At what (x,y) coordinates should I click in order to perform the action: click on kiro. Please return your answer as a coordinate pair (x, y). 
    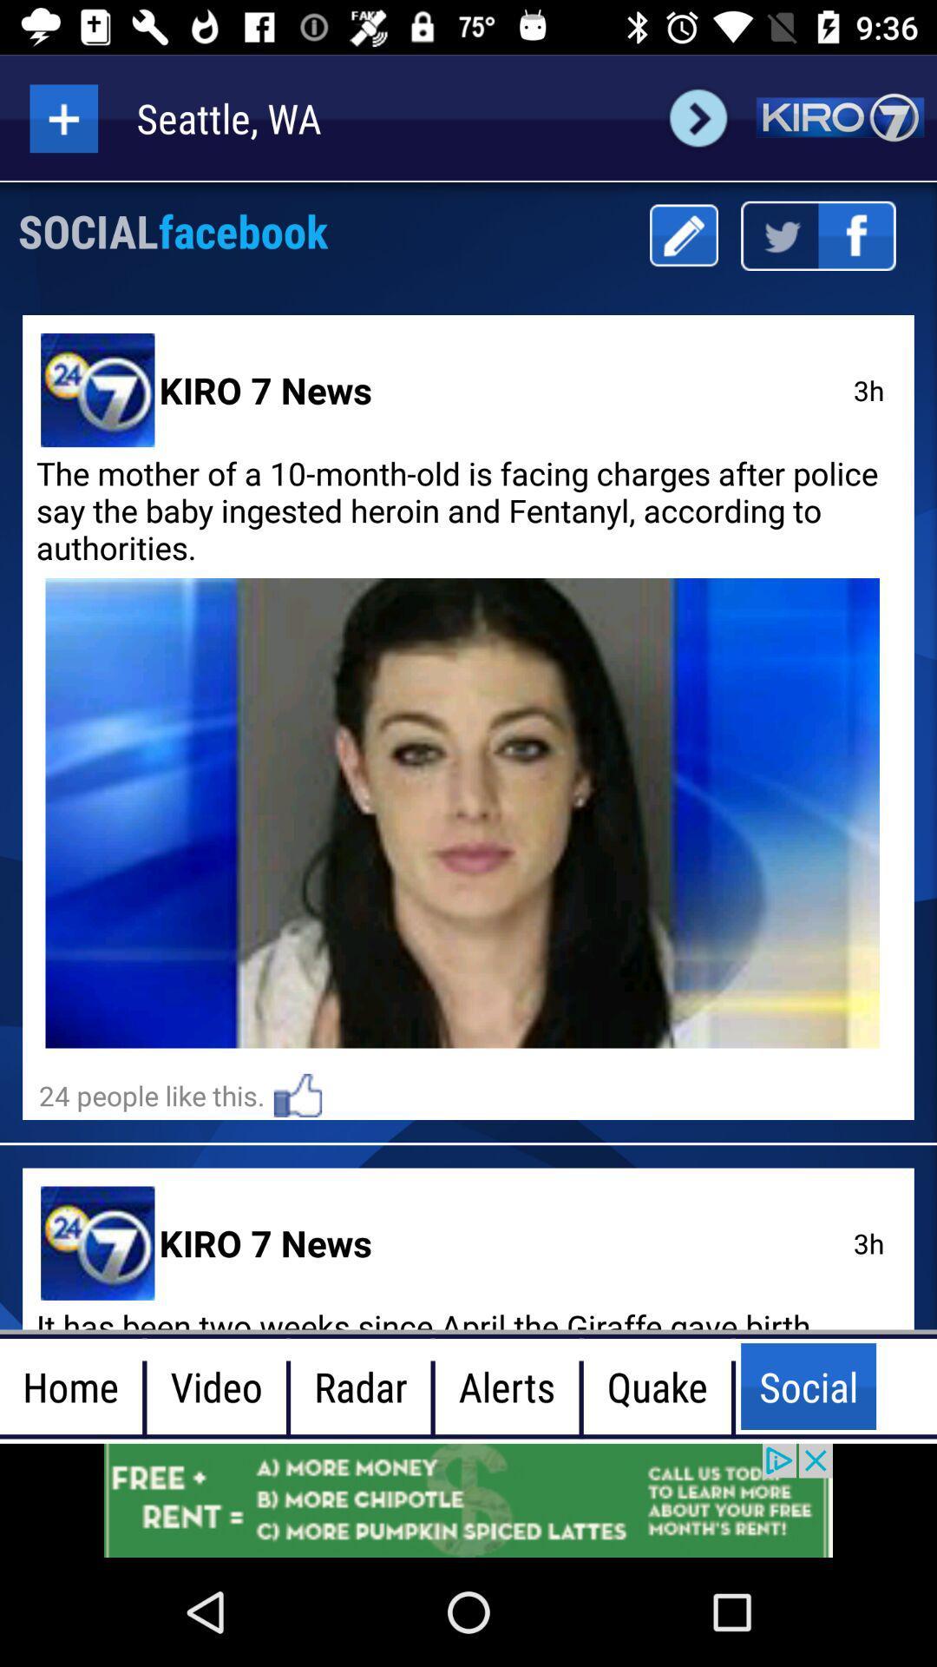
    Looking at the image, I should click on (839, 117).